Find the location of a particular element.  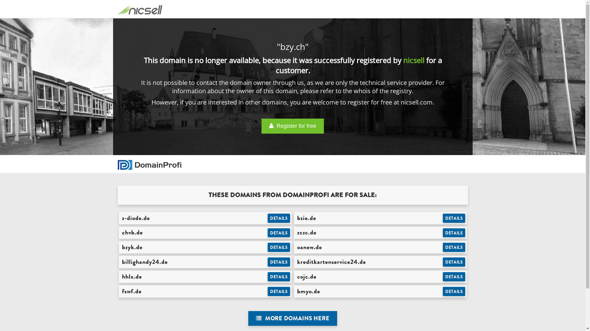

'  Register for free' is located at coordinates (292, 126).